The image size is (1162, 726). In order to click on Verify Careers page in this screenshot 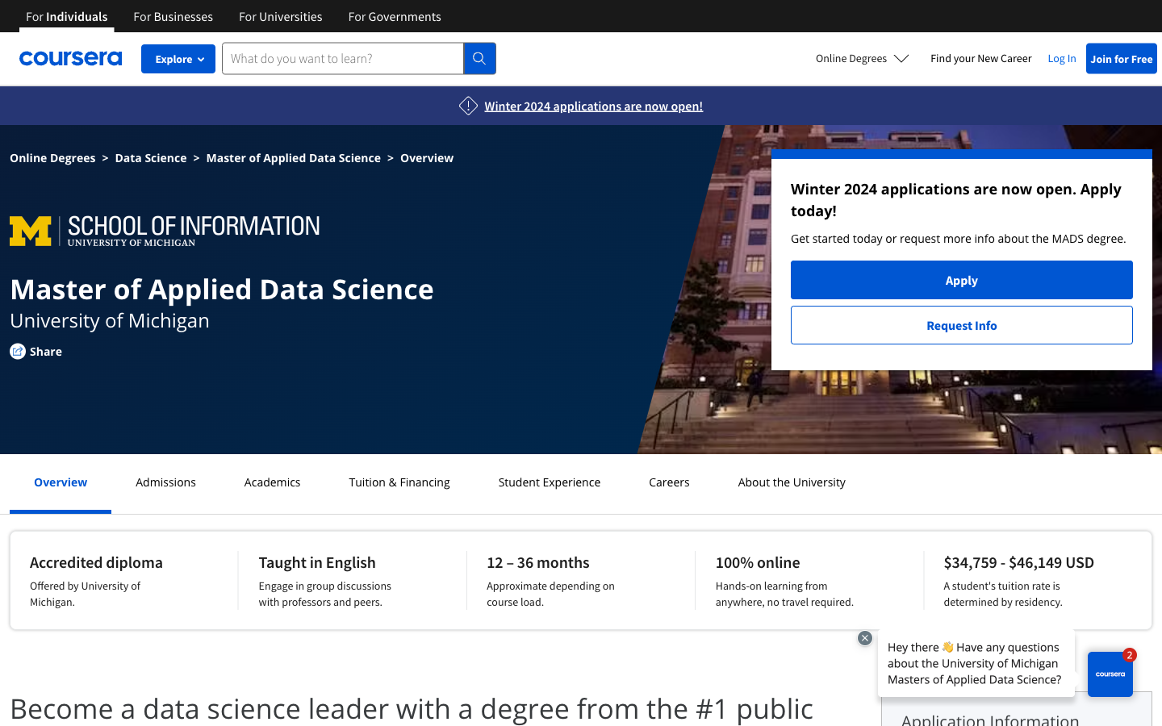, I will do `click(669, 482)`.